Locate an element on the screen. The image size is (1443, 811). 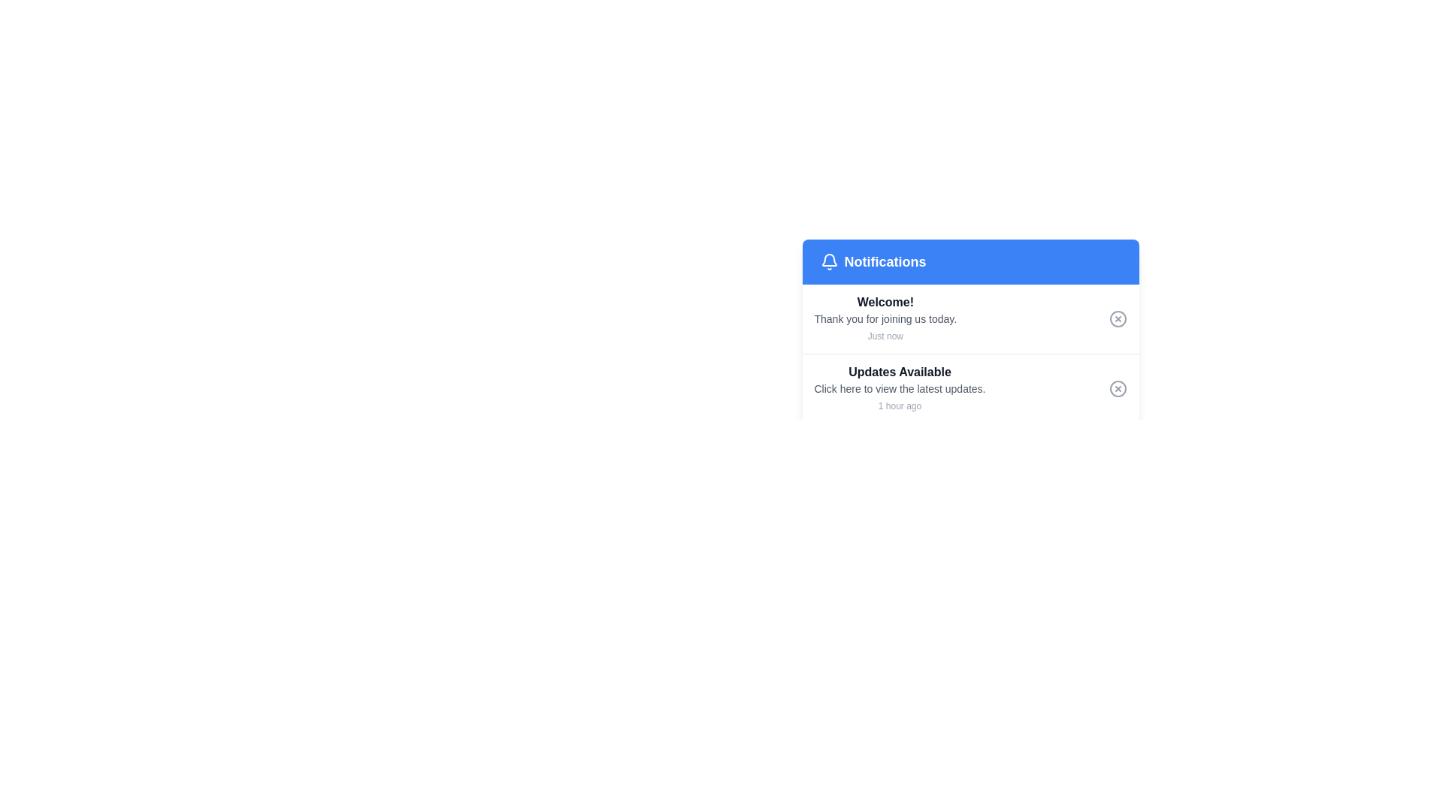
the timestamp information from the text label located directly underneath the notification message block that reads 'Thank you is located at coordinates (885, 335).